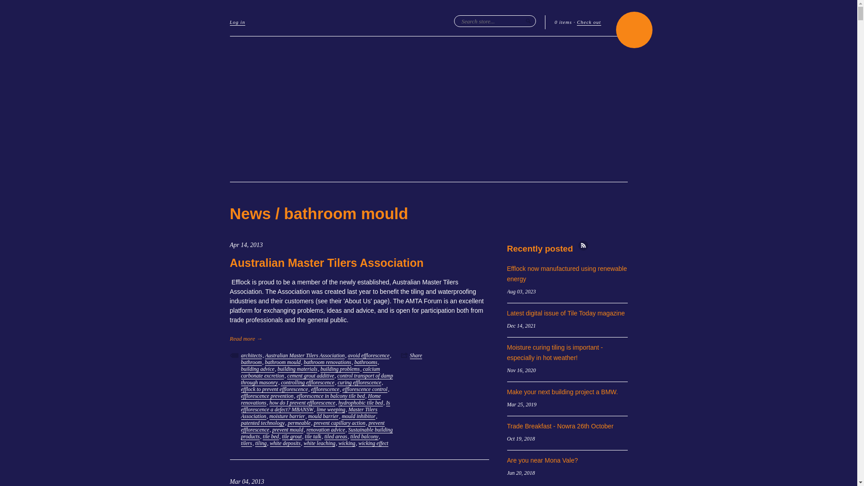  What do you see at coordinates (562, 22) in the screenshot?
I see `'0 items'` at bounding box center [562, 22].